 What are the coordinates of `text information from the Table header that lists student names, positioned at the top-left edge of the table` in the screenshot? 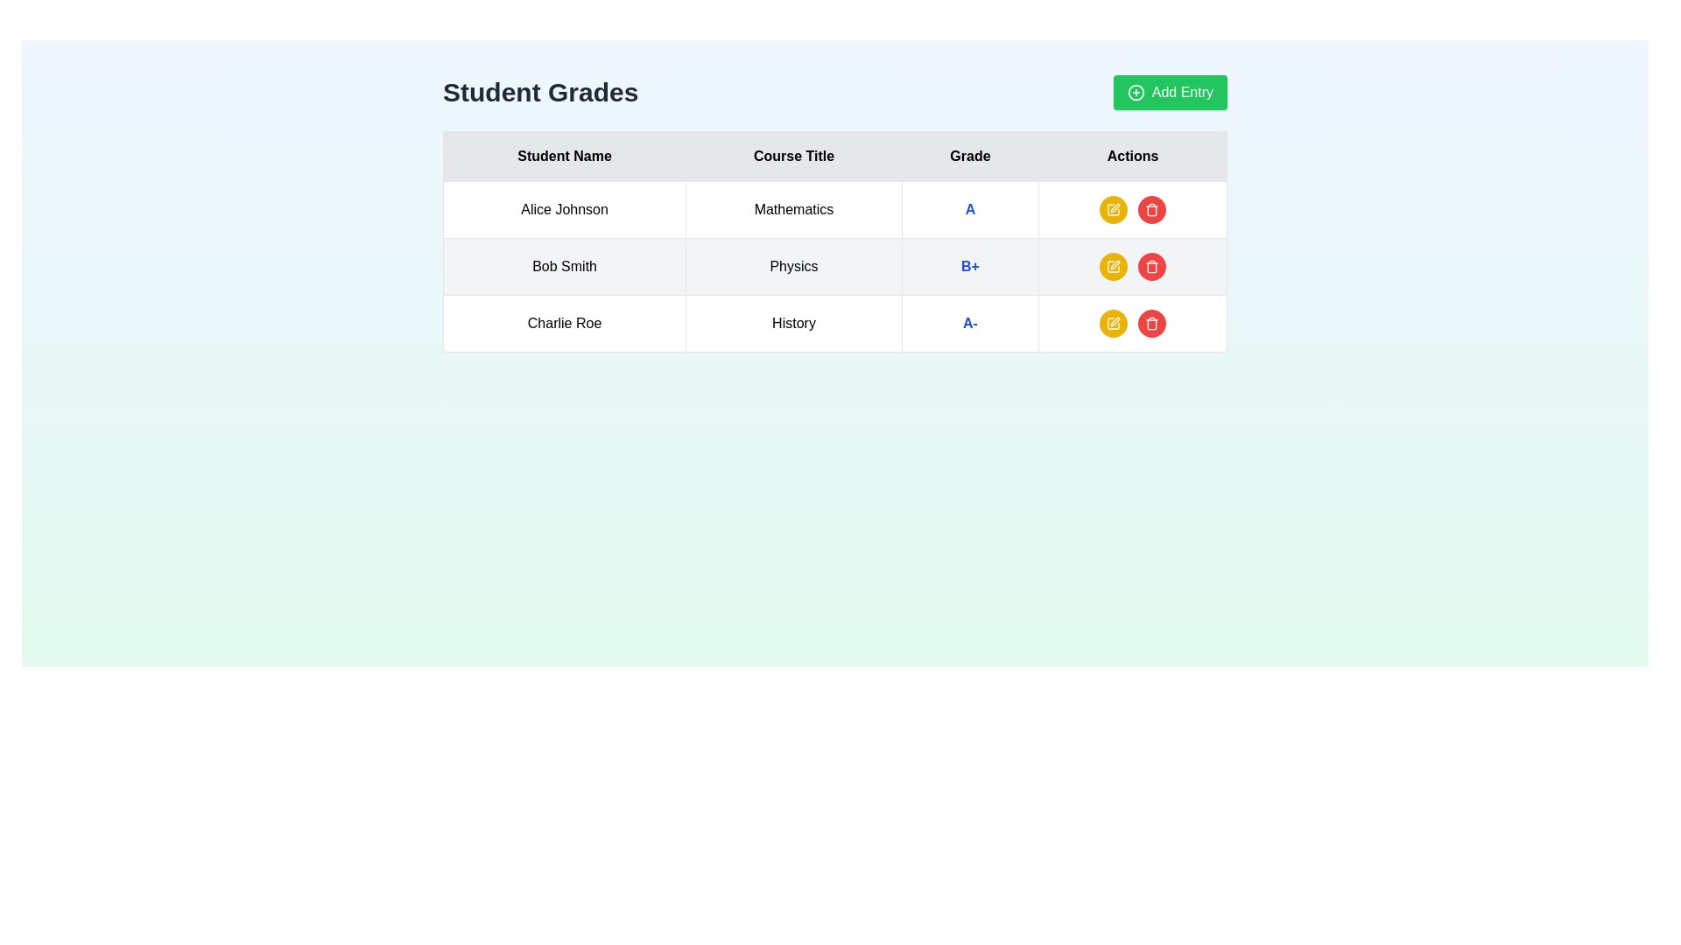 It's located at (565, 155).